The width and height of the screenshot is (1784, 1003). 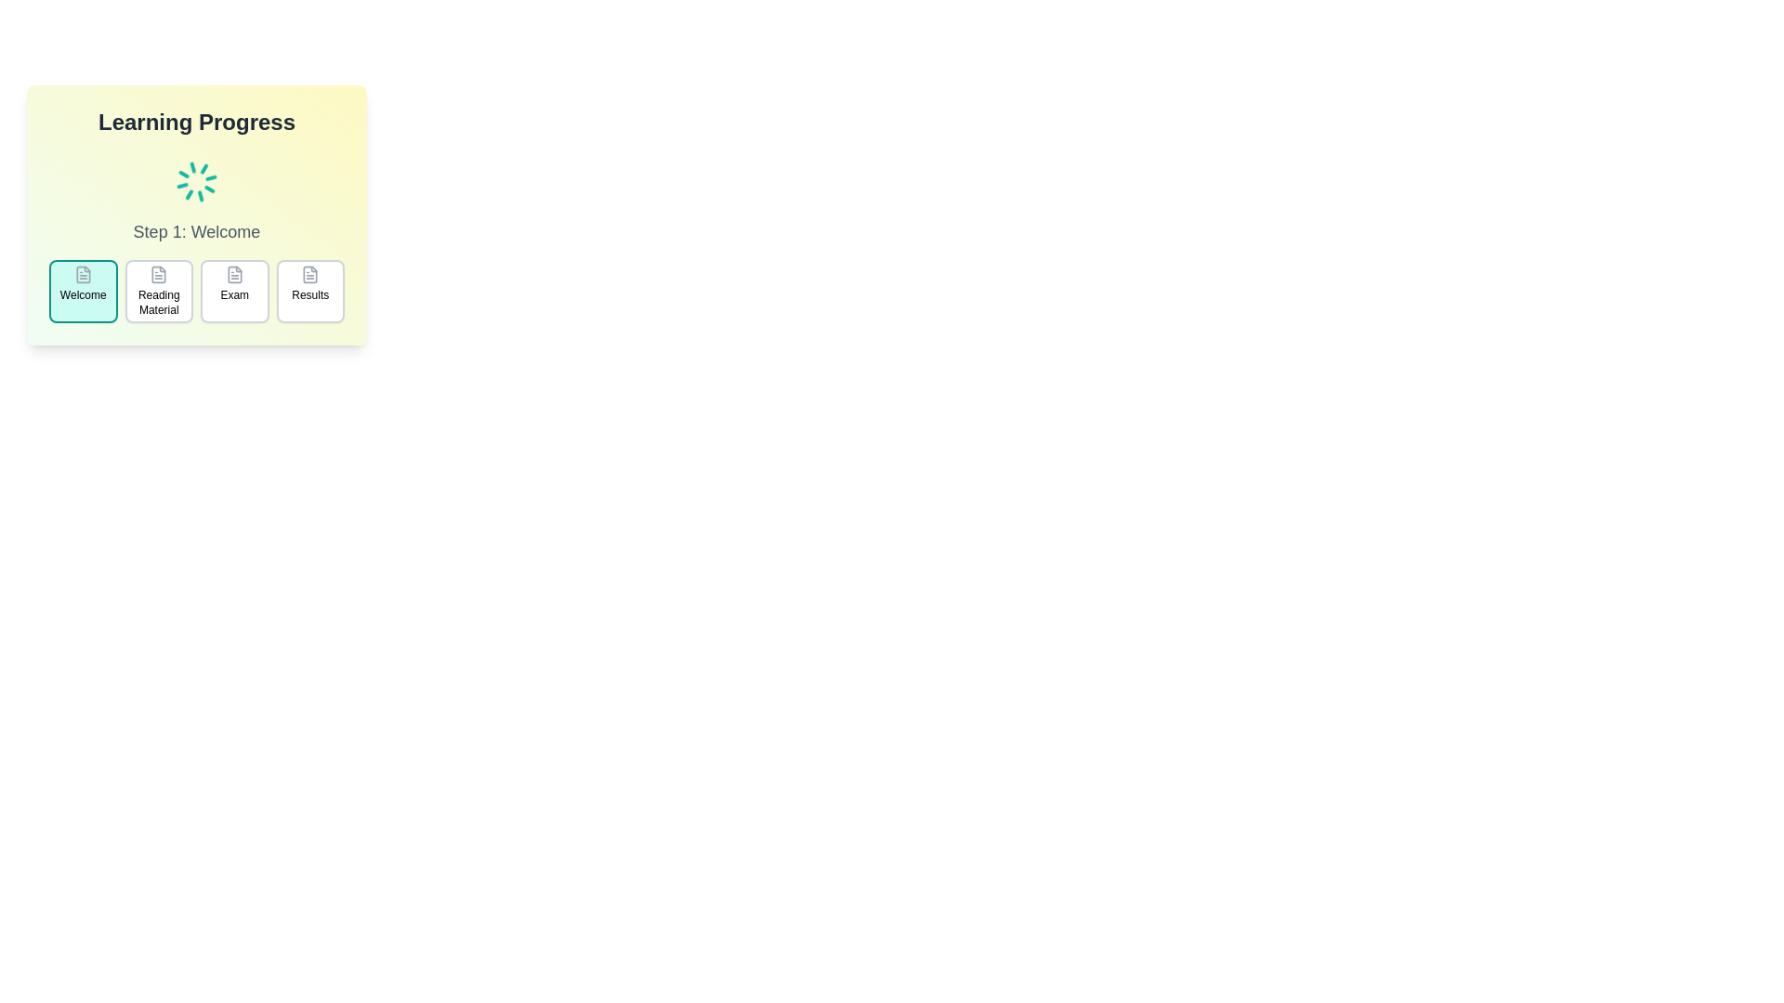 What do you see at coordinates (310, 291) in the screenshot?
I see `the 'Results' button, which is a rectangular button with a white background, a document icon, and bordered with a gray outline, located below the 'Learning Progress' heading` at bounding box center [310, 291].